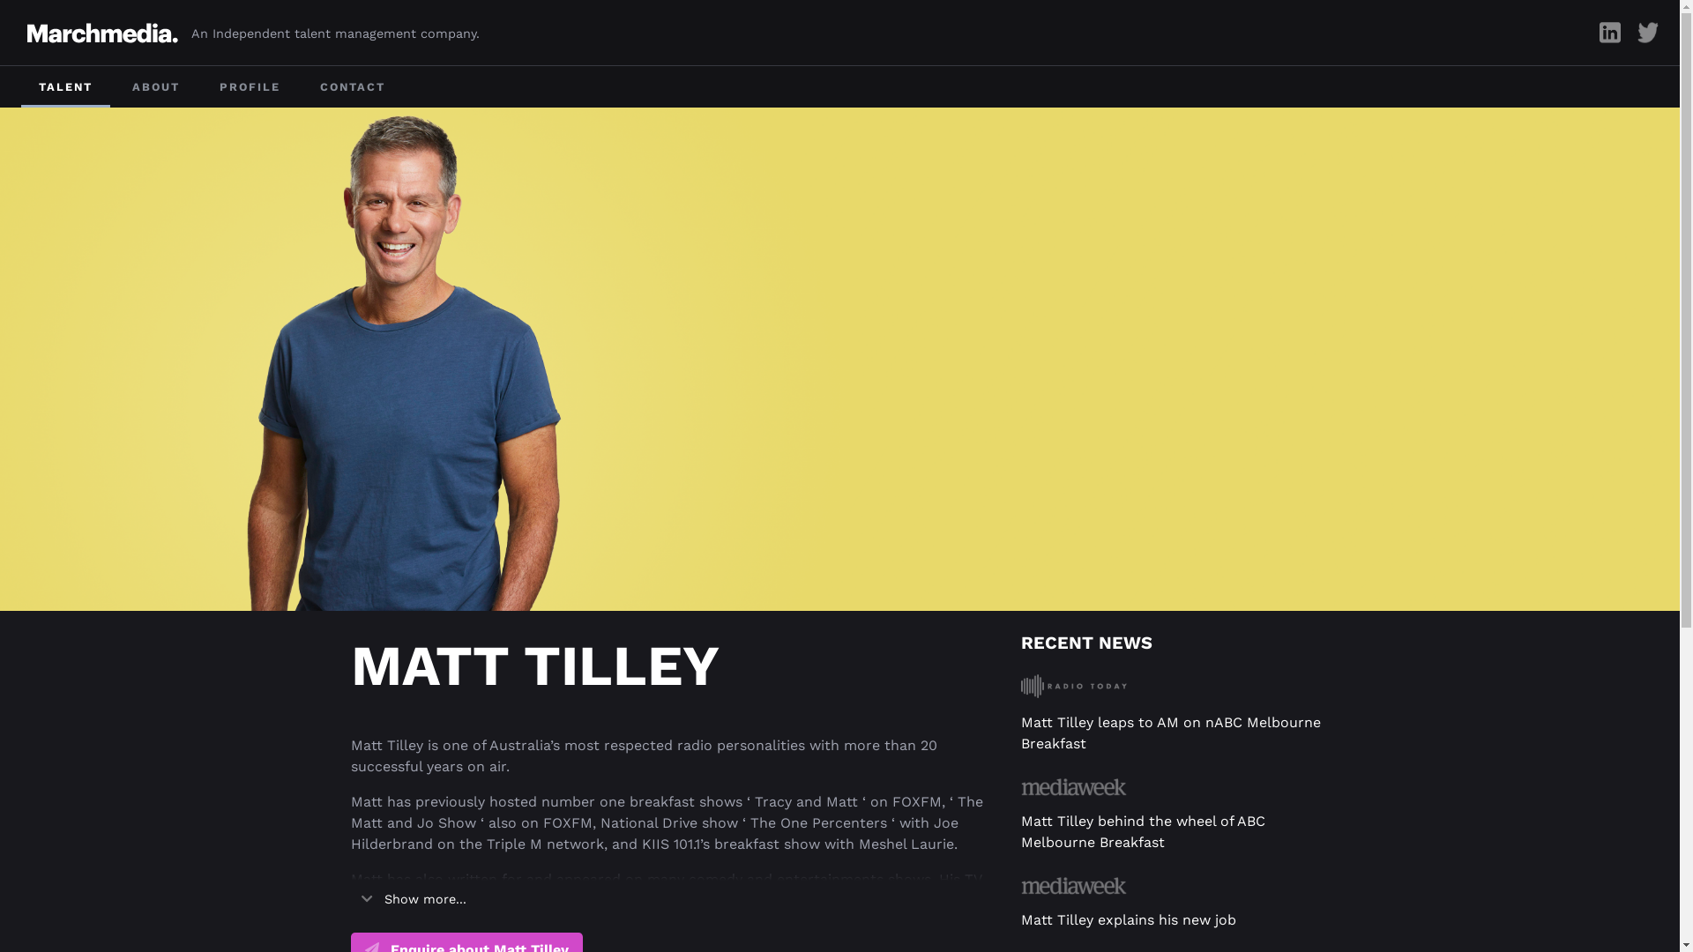 This screenshot has width=1693, height=952. What do you see at coordinates (1171, 733) in the screenshot?
I see `'Matt Tilley leaps to AM on nABC Melbourne Breakfast'` at bounding box center [1171, 733].